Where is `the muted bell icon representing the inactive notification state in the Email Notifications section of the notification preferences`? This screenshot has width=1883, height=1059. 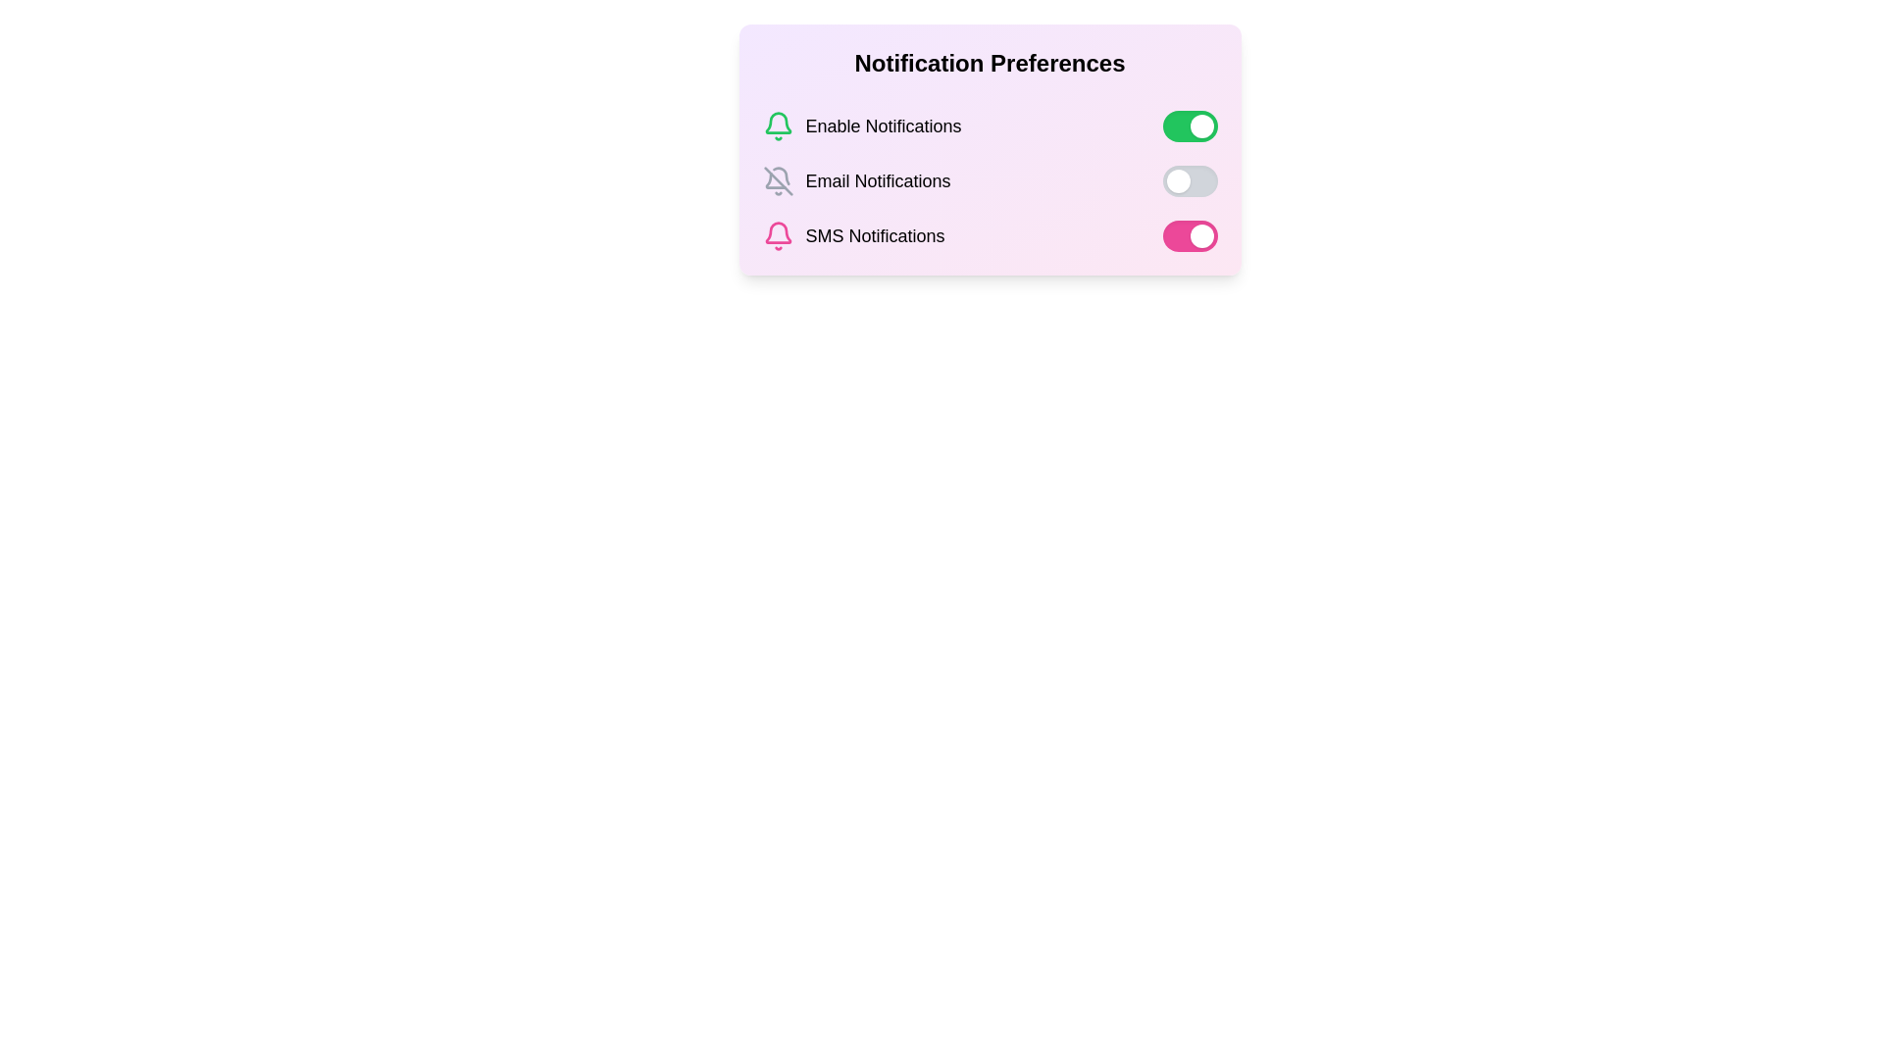 the muted bell icon representing the inactive notification state in the Email Notifications section of the notification preferences is located at coordinates (780, 175).